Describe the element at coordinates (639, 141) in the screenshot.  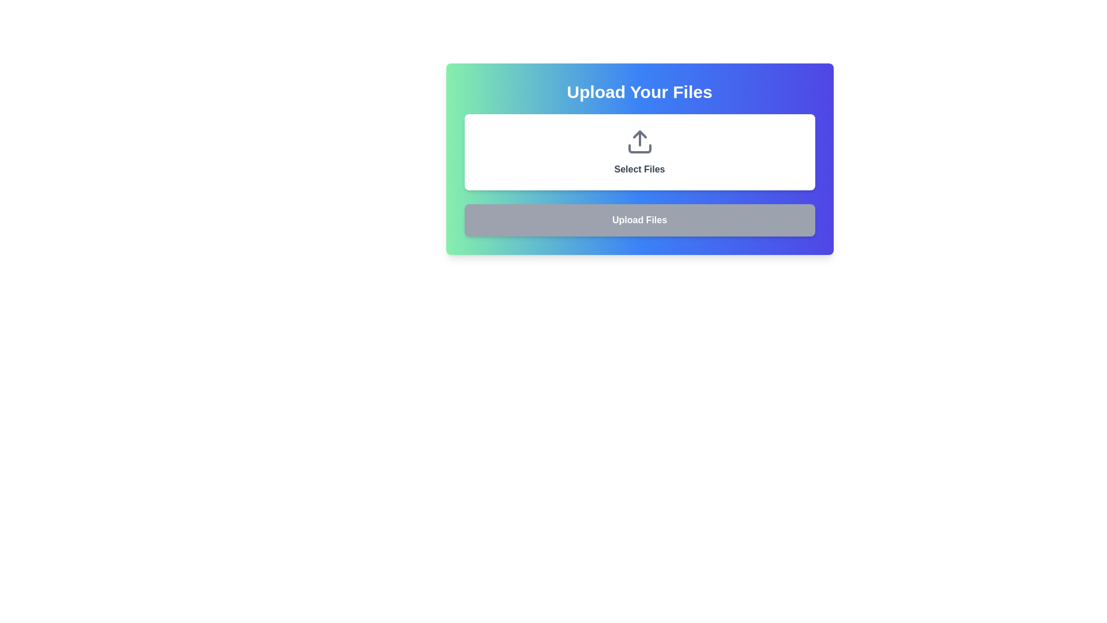
I see `the file upload icon located in the upper section of the white box inside the card titled 'Upload Your Files'` at that location.